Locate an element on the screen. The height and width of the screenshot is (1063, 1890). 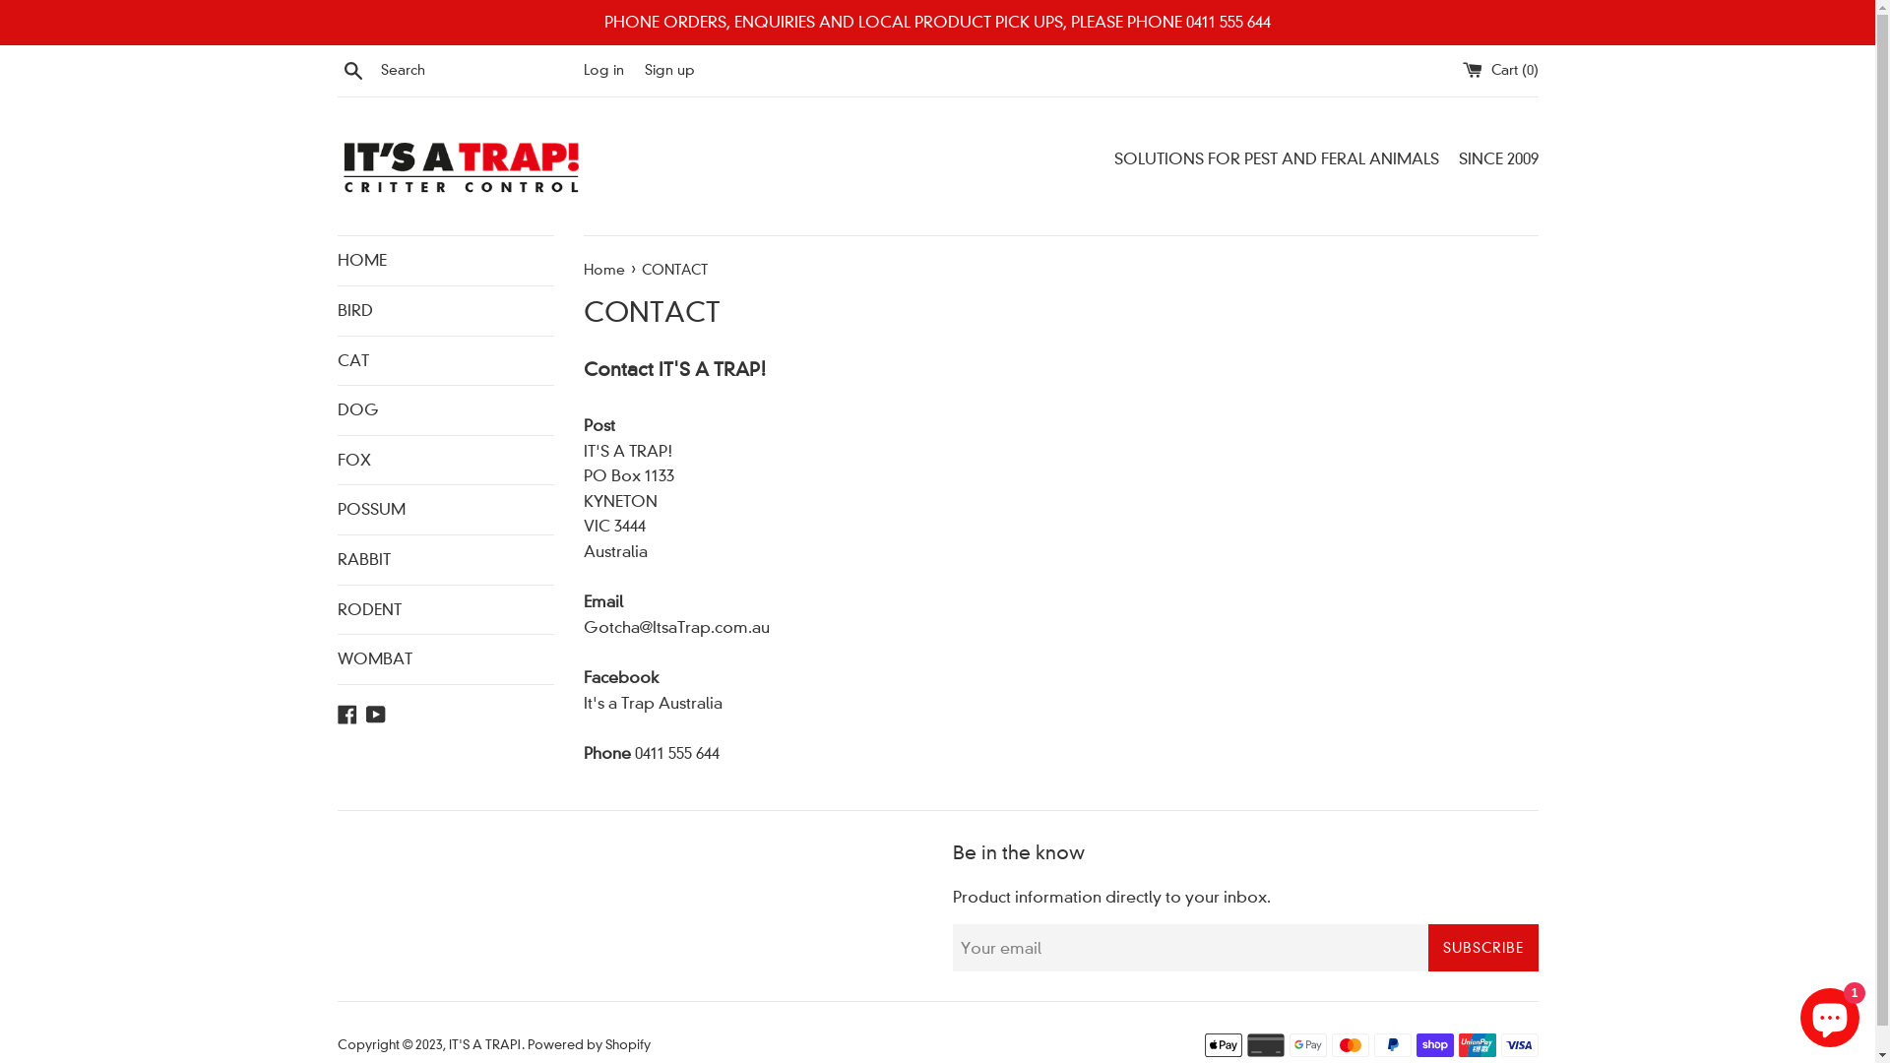
'HOME' is located at coordinates (443, 260).